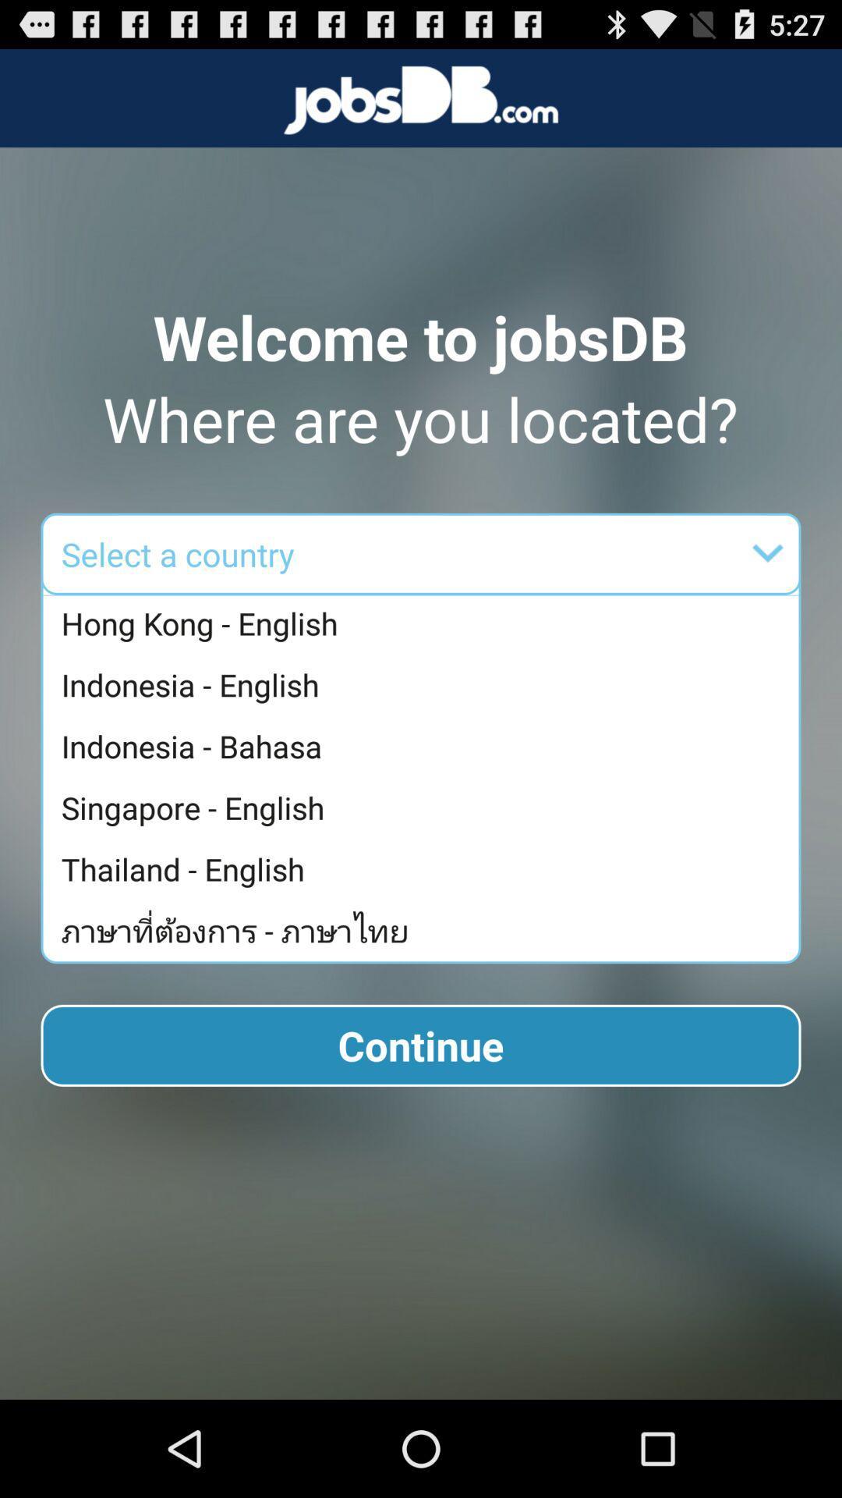 The height and width of the screenshot is (1498, 842). What do you see at coordinates (425, 930) in the screenshot?
I see `app below the thailand - english` at bounding box center [425, 930].